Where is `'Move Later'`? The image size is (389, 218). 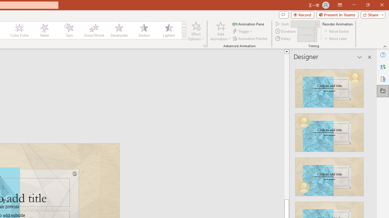 'Move Later' is located at coordinates (336, 38).